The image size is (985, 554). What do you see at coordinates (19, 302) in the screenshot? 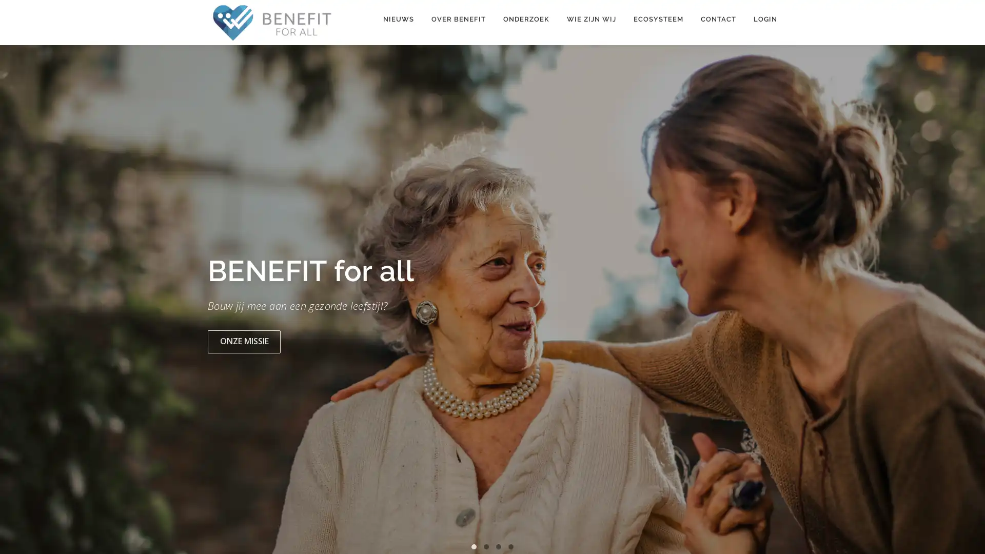
I see `Previous` at bounding box center [19, 302].